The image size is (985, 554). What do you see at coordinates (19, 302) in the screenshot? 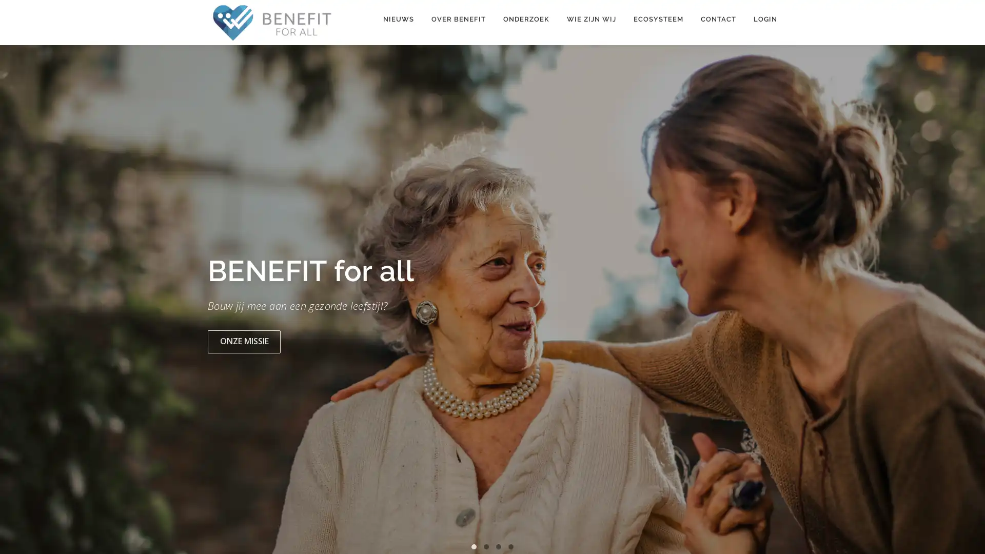
I see `Previous` at bounding box center [19, 302].